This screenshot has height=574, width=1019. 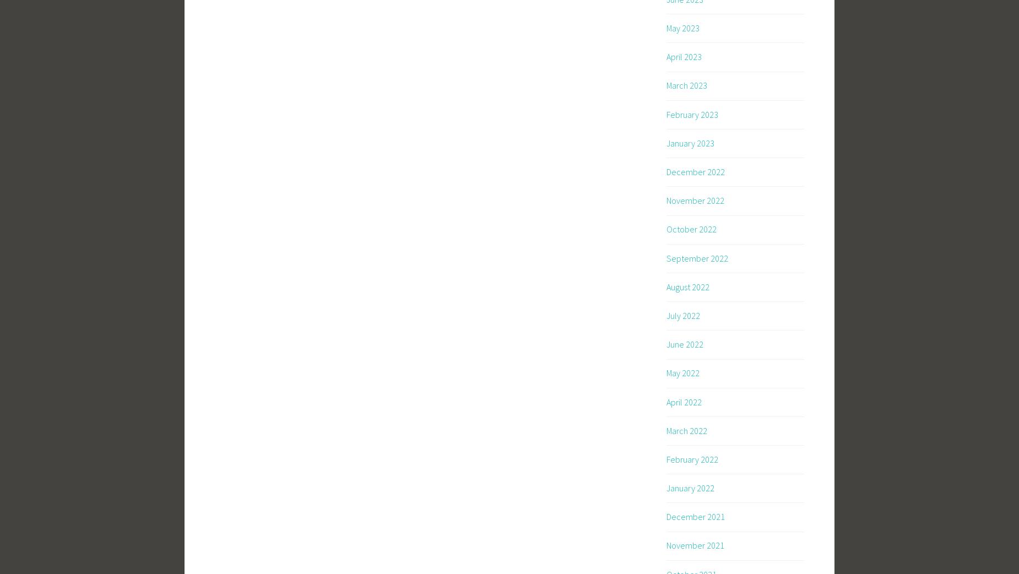 I want to click on 'July 2022', so click(x=682, y=314).